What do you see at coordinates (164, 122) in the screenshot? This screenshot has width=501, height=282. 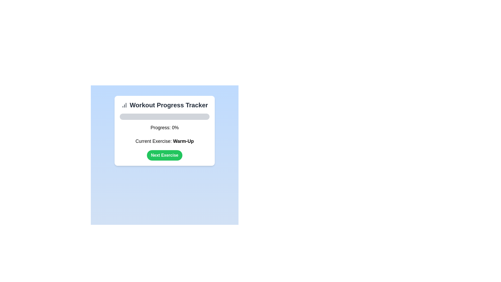 I see `the progress percentage displayed on the Progress Bar with Label located below 'Workout Progress Tracker' and above 'Current Exercise: Warm-Up'` at bounding box center [164, 122].